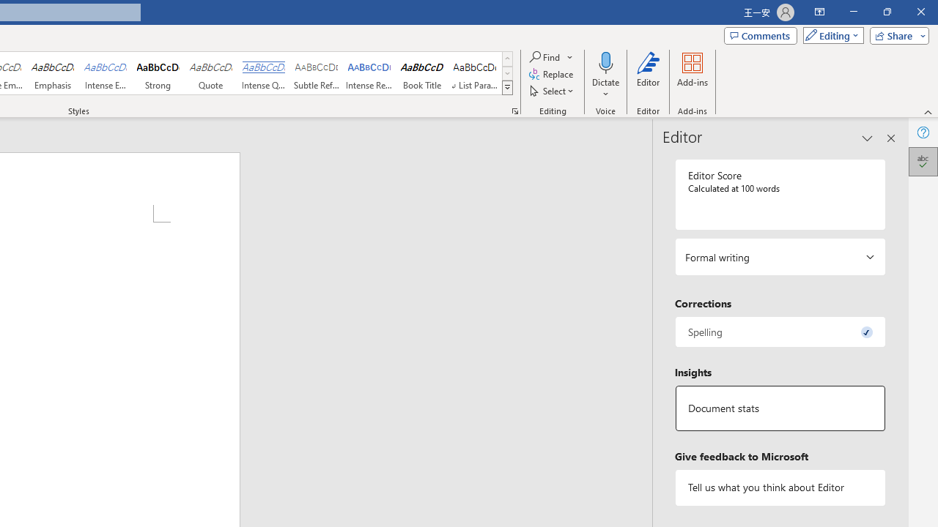 Image resolution: width=938 pixels, height=527 pixels. Describe the element at coordinates (779, 332) in the screenshot. I see `'Spelling, 0 issues. Press space or enter to review items.'` at that location.